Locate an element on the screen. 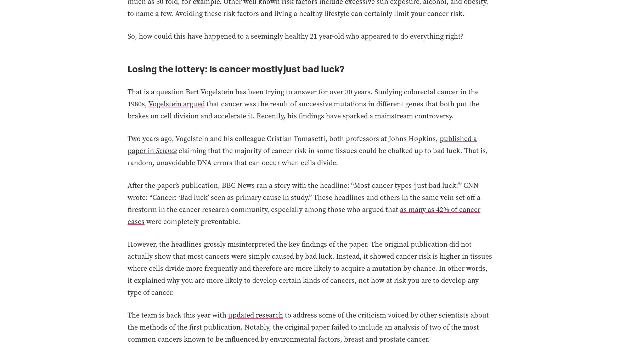 The image size is (620, 359). 'to address some of the criticism voiced by other scientists about the methods of the first publication. Notably, the original paper failed to include an analysis of two of the most common cancers known to be influenced by environmental factors, breast and prostate cancer.' is located at coordinates (308, 327).